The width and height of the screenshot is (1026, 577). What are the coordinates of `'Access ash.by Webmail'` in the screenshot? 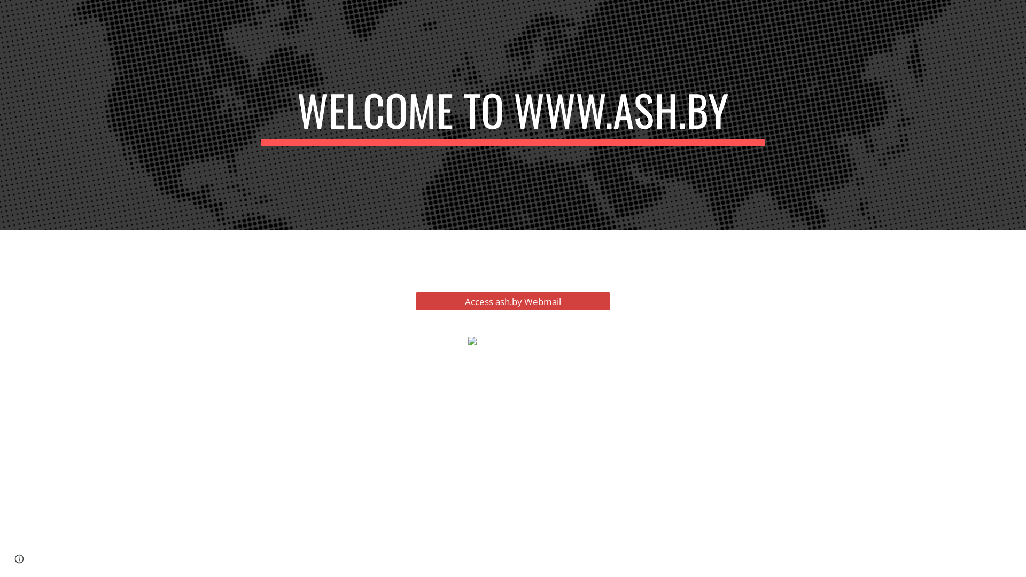 It's located at (512, 301).